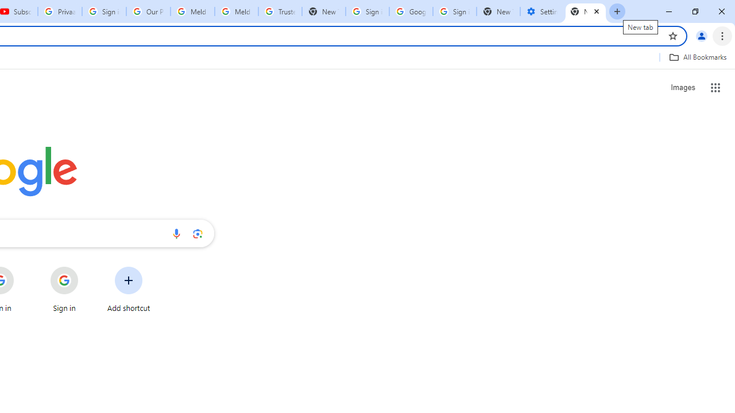  Describe the element at coordinates (586, 11) in the screenshot. I see `'New Tab'` at that location.